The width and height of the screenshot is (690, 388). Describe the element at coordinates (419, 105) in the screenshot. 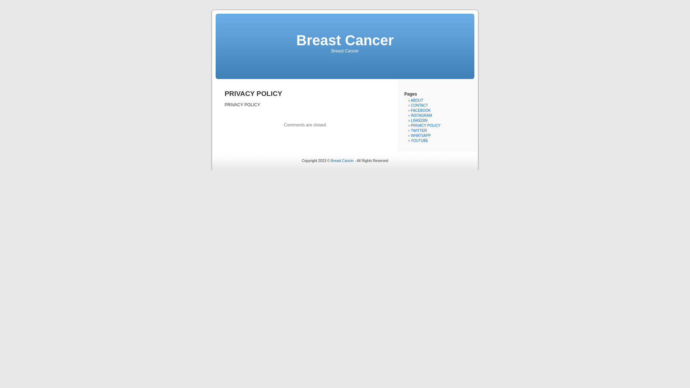

I see `'CONTACT'` at that location.